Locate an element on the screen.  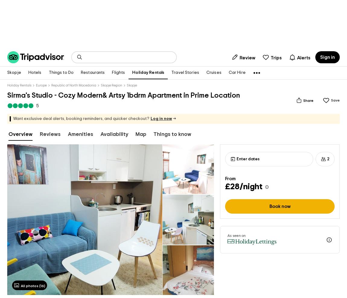
'Europe' is located at coordinates (41, 85).